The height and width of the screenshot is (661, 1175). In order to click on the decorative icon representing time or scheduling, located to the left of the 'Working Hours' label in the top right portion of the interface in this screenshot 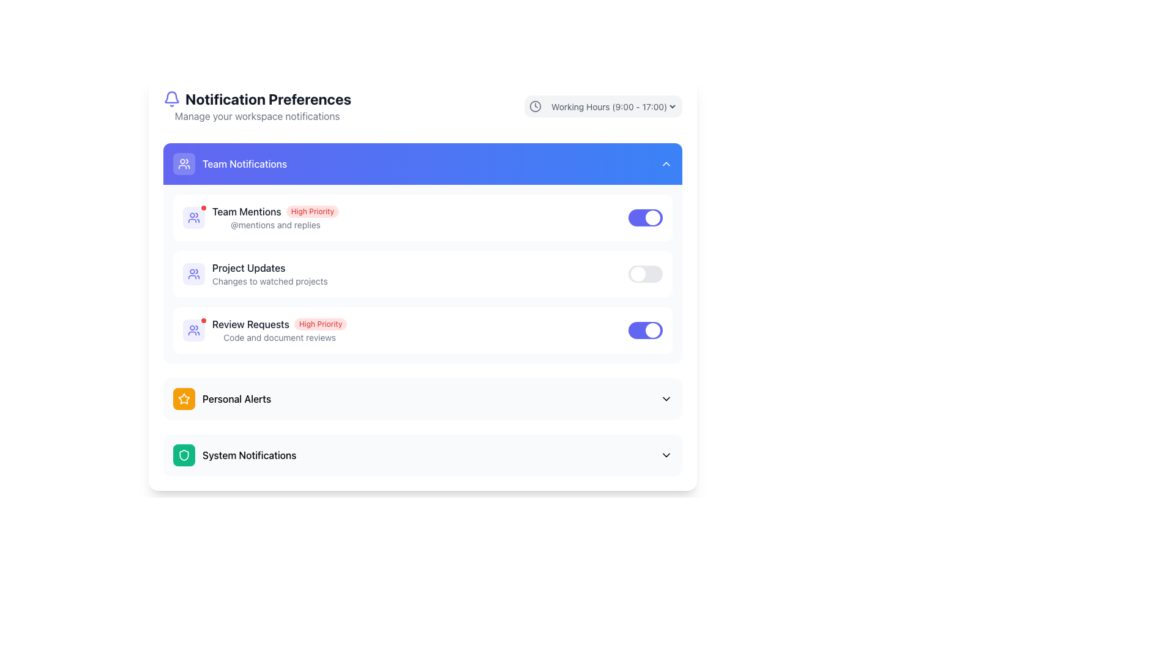, I will do `click(535, 105)`.